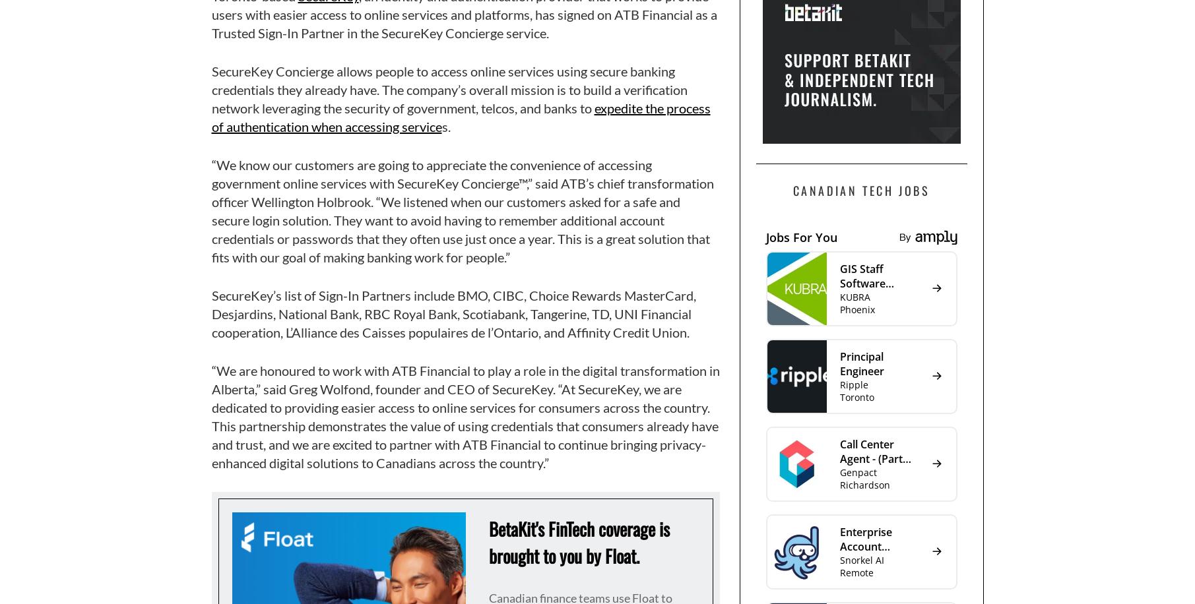 The width and height of the screenshot is (1195, 604). What do you see at coordinates (864, 484) in the screenshot?
I see `'Richardson'` at bounding box center [864, 484].